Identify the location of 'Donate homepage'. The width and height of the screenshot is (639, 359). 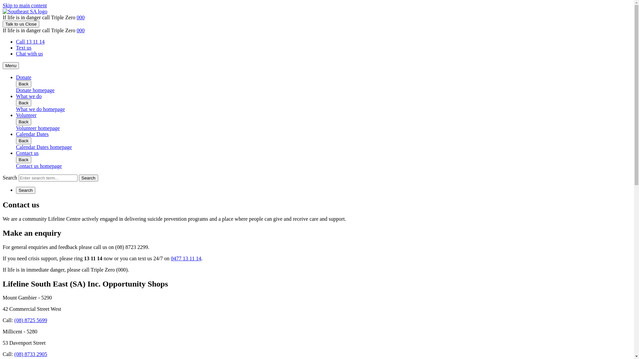
(16, 90).